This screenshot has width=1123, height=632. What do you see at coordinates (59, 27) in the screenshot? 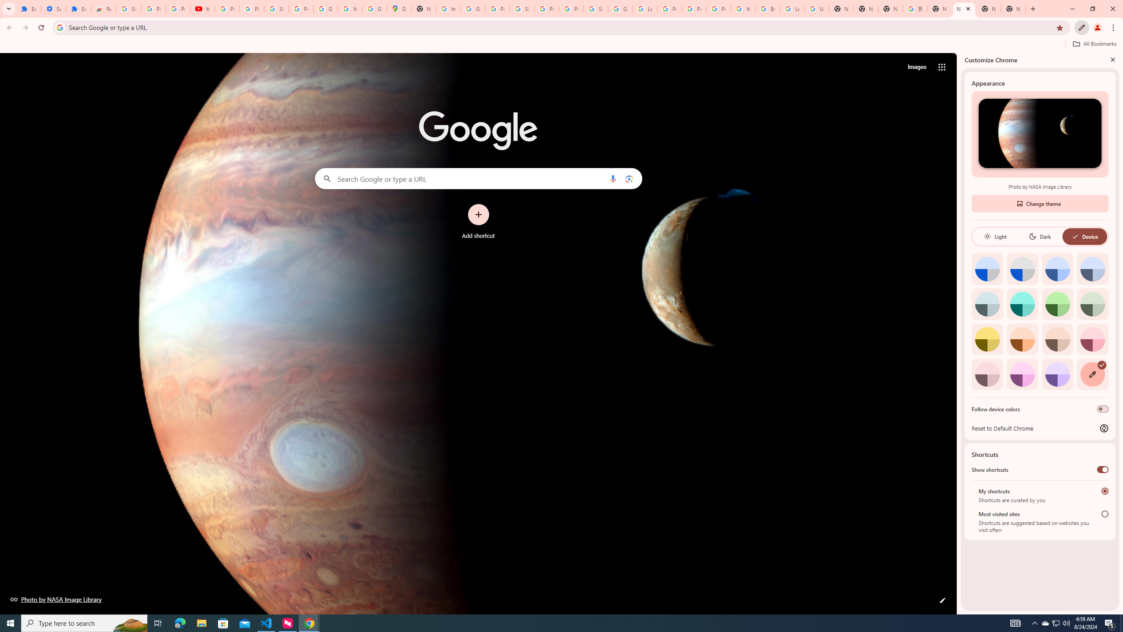
I see `'Search icon'` at bounding box center [59, 27].